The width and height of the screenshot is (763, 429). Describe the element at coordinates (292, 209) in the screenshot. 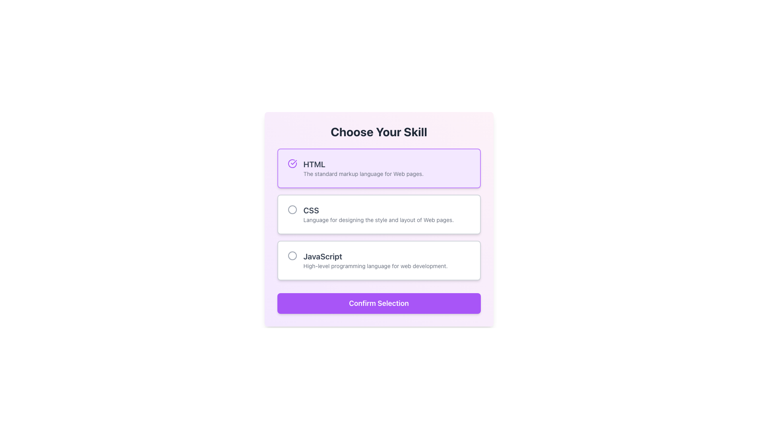

I see `the small circular icon with a gray outline located beside the 'CSS' option in the 'Choose Your Skill' interface` at that location.